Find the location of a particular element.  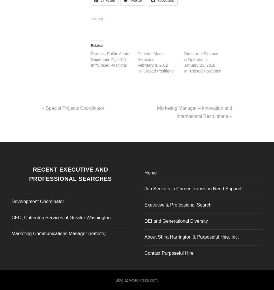

'Development Coordinator' is located at coordinates (38, 200).